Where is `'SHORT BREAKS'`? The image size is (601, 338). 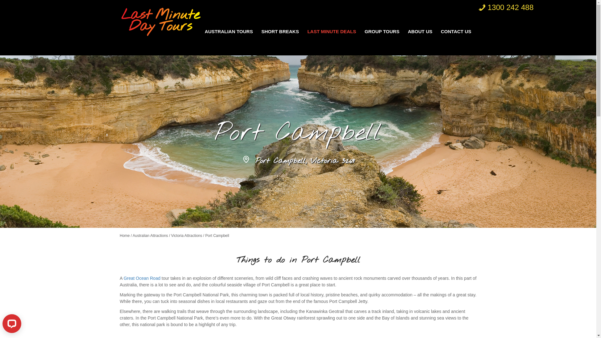 'SHORT BREAKS' is located at coordinates (258, 31).